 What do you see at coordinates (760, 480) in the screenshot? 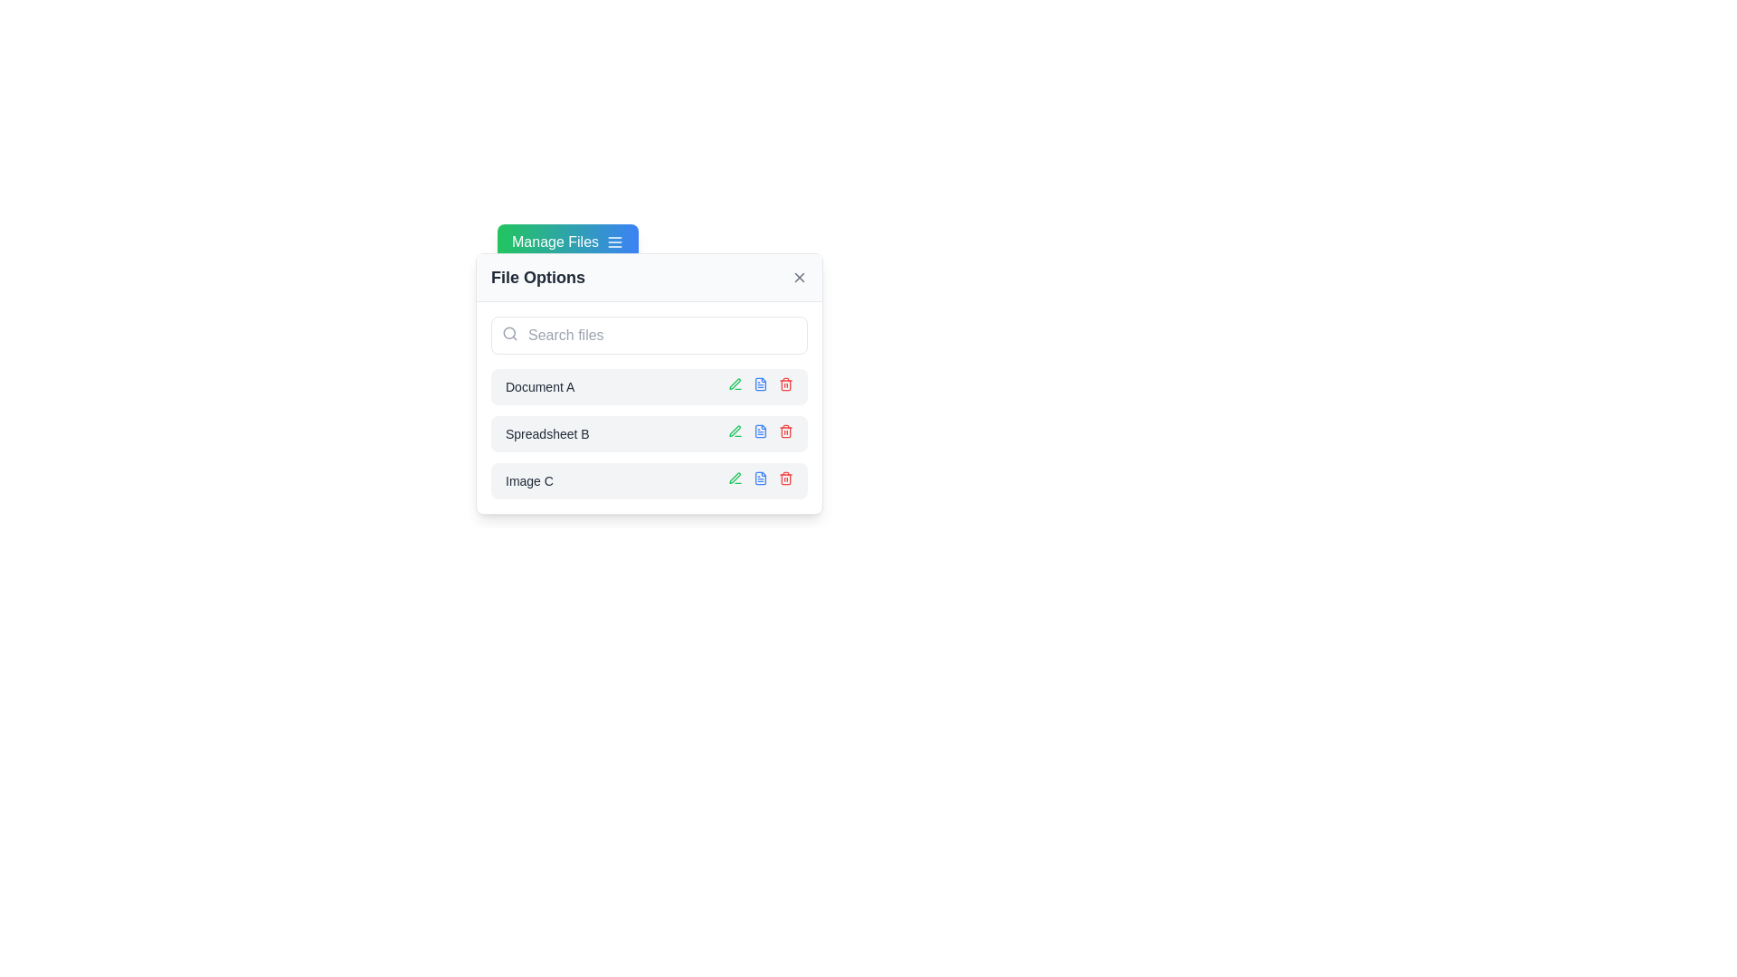
I see `one of the icons in the Horizontal icon group located in the 'Image C' row towards the far right` at bounding box center [760, 480].